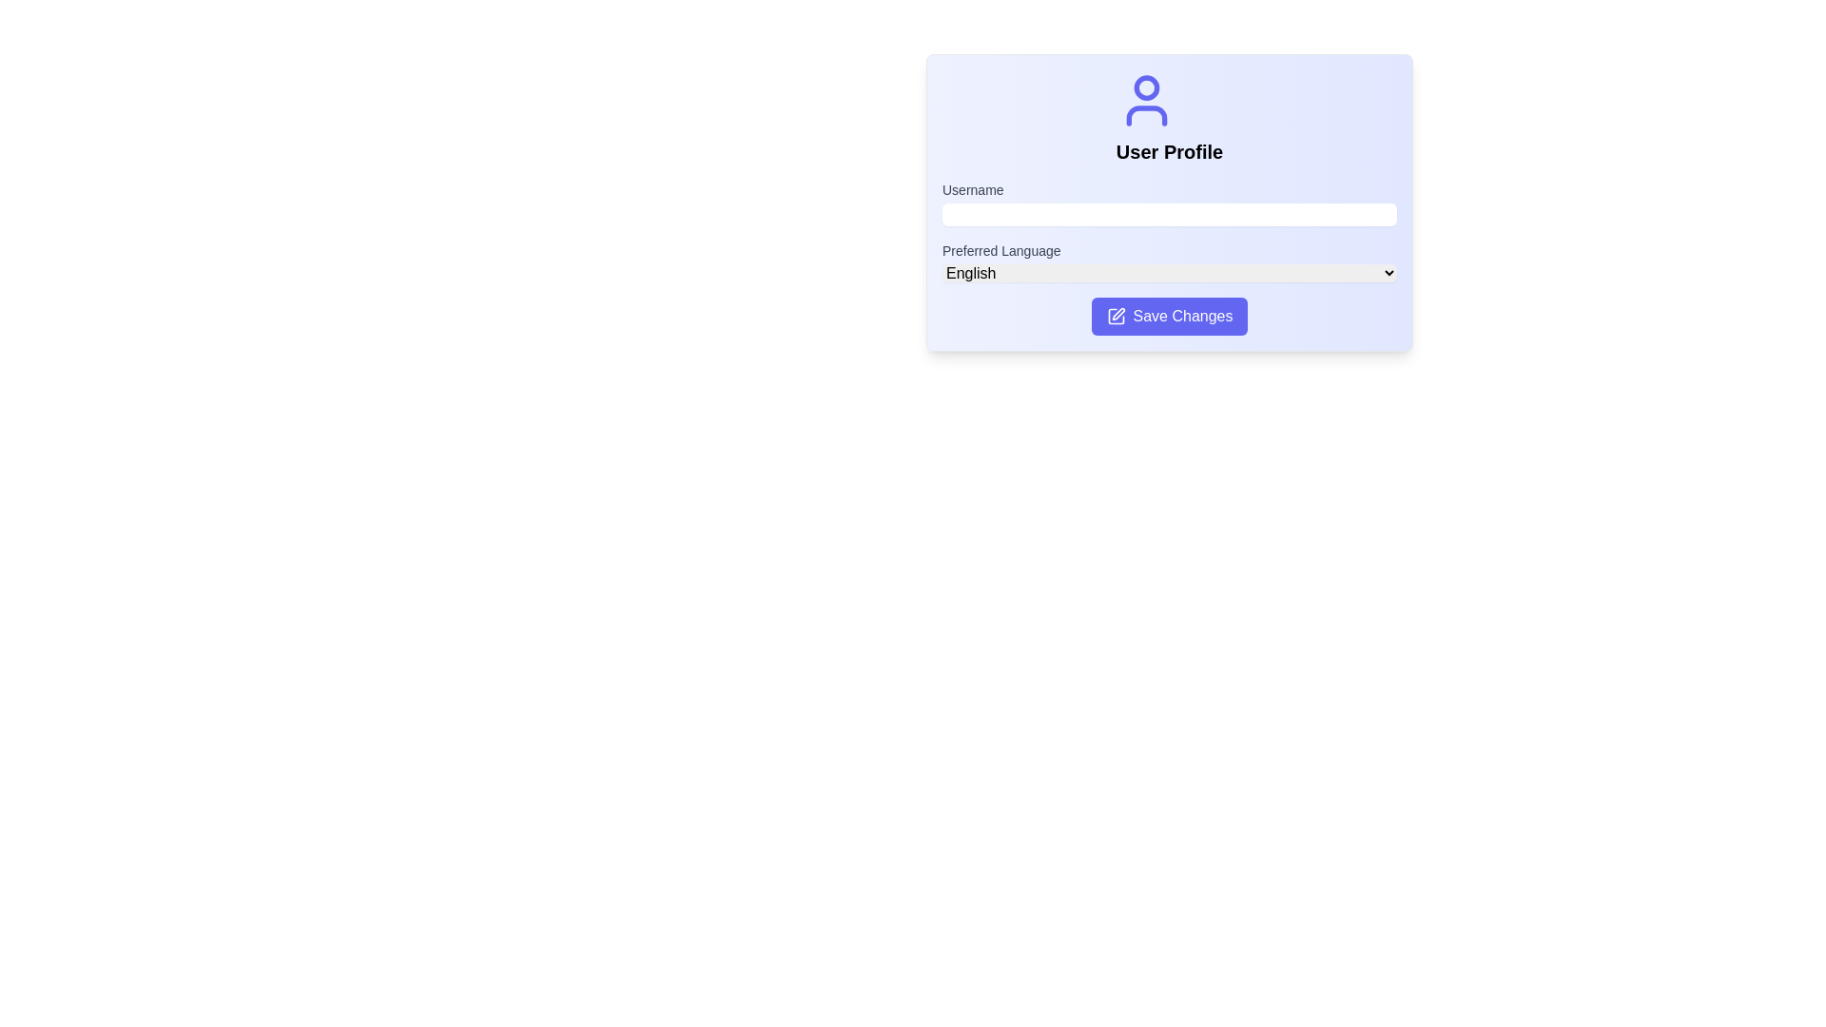  Describe the element at coordinates (1168, 273) in the screenshot. I see `an option from the dropdown menu labeled 'Preferred Language' that displays 'English' as the currently selected option` at that location.